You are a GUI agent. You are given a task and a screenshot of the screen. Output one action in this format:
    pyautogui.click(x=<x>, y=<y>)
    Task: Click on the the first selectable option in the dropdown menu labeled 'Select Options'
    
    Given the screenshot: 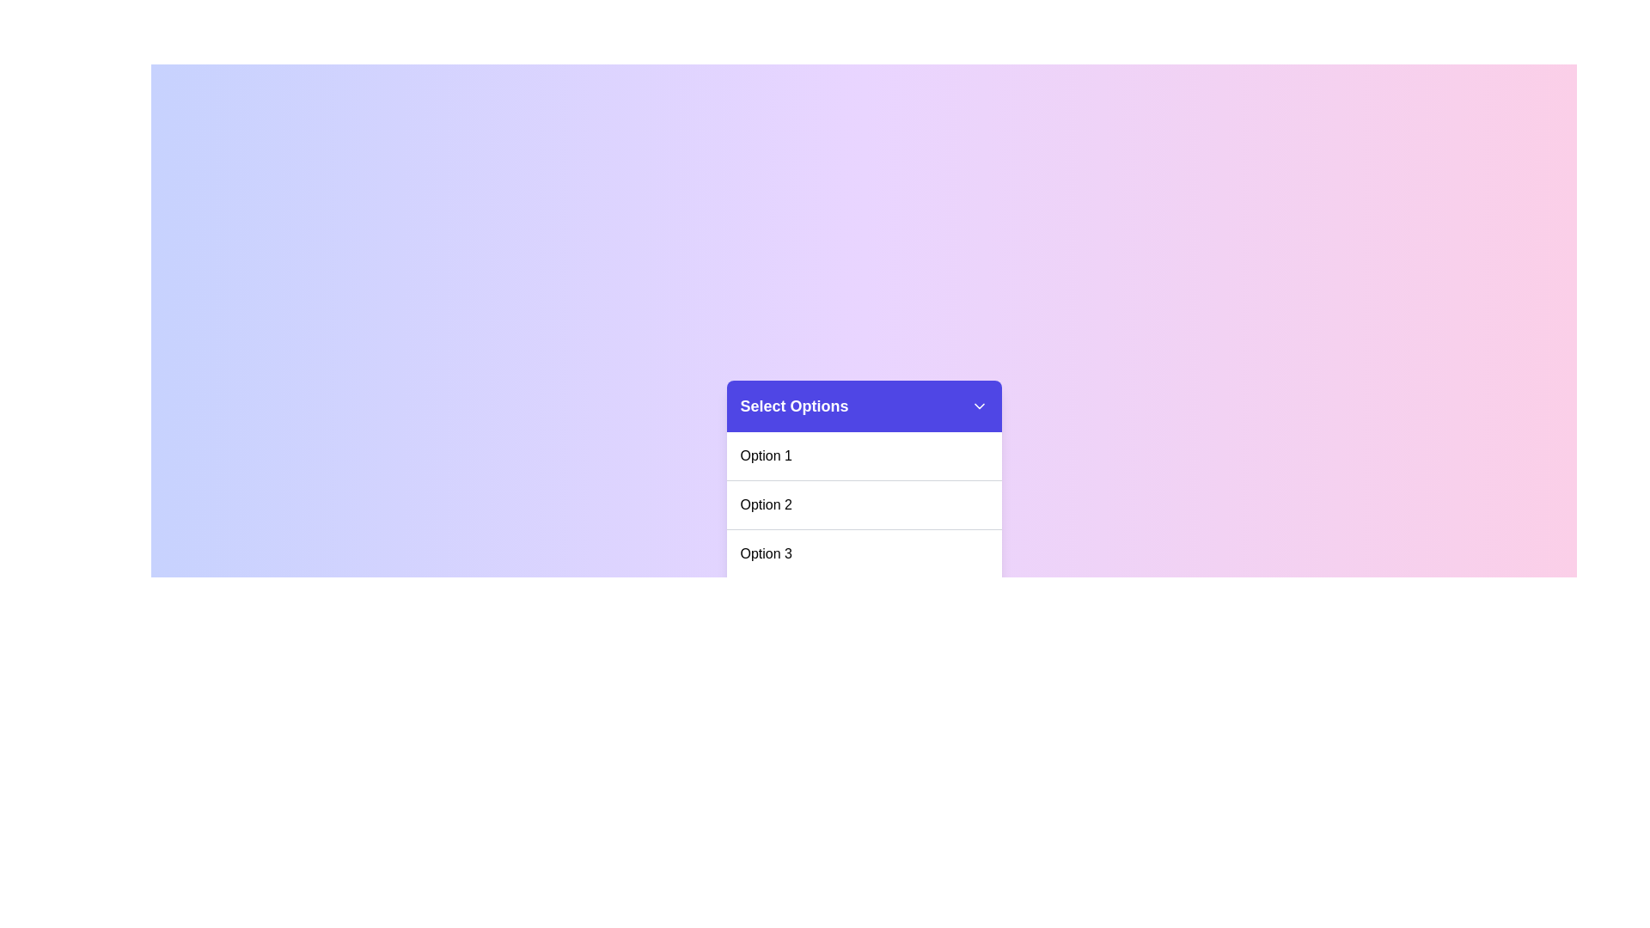 What is the action you would take?
    pyautogui.click(x=765, y=455)
    